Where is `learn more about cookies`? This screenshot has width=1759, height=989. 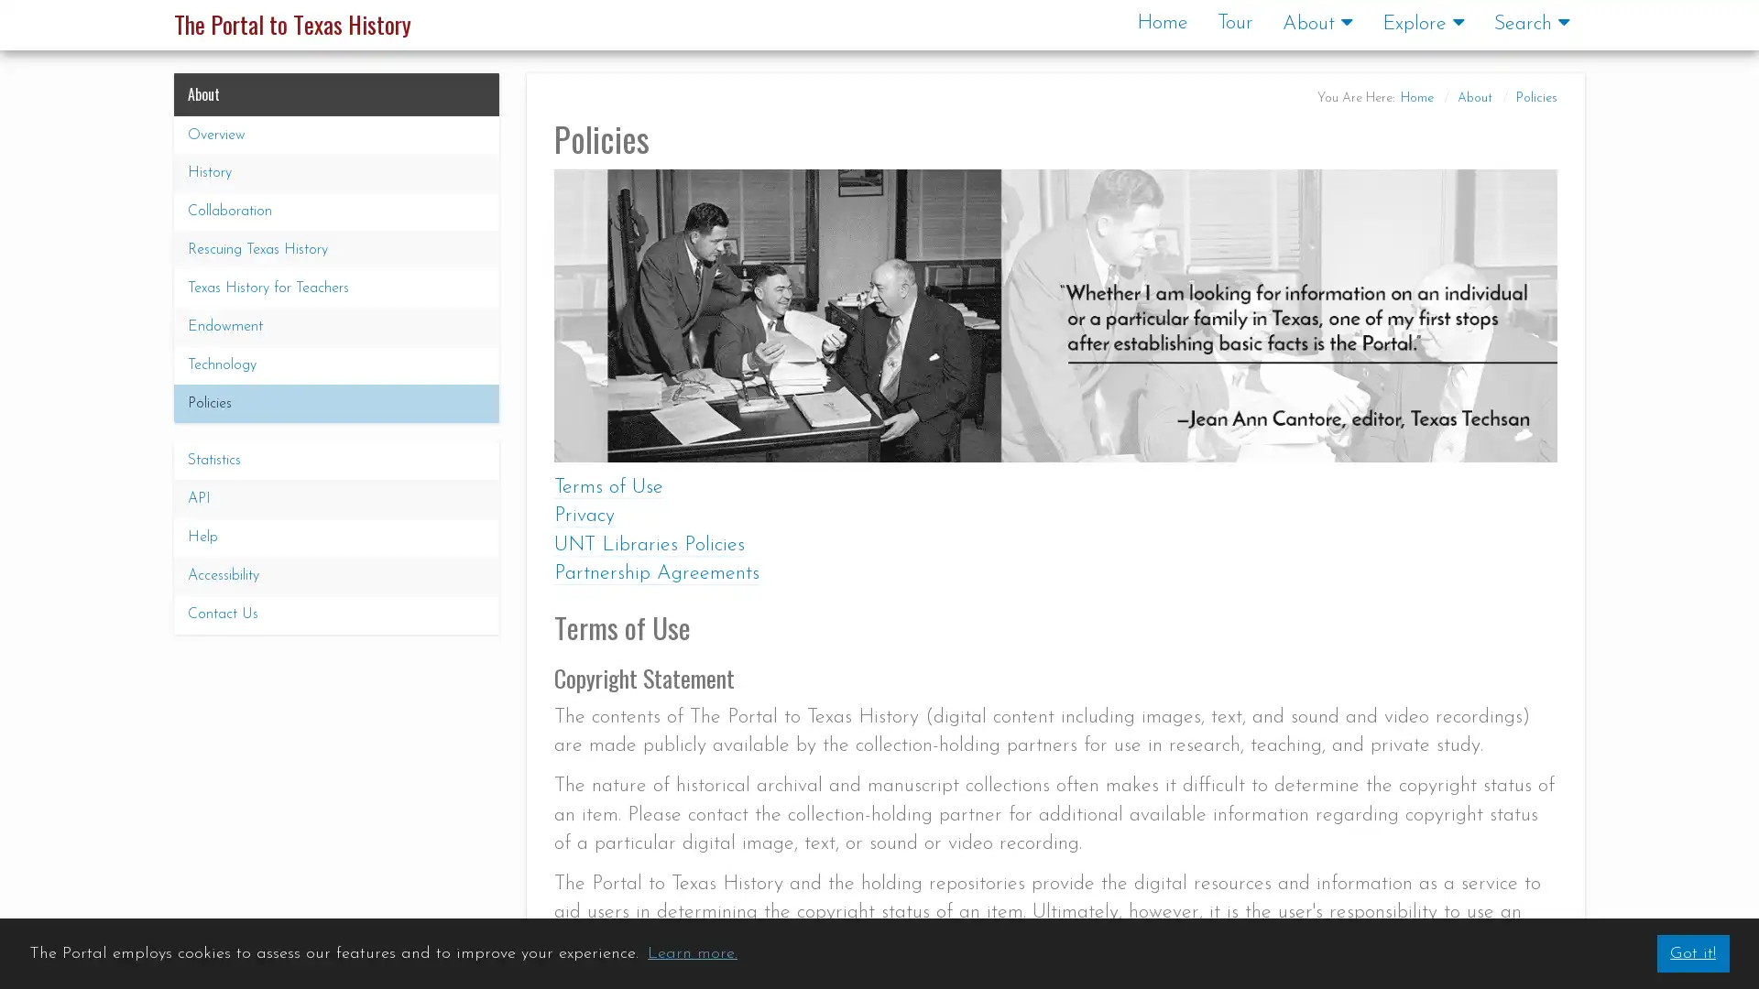 learn more about cookies is located at coordinates (691, 952).